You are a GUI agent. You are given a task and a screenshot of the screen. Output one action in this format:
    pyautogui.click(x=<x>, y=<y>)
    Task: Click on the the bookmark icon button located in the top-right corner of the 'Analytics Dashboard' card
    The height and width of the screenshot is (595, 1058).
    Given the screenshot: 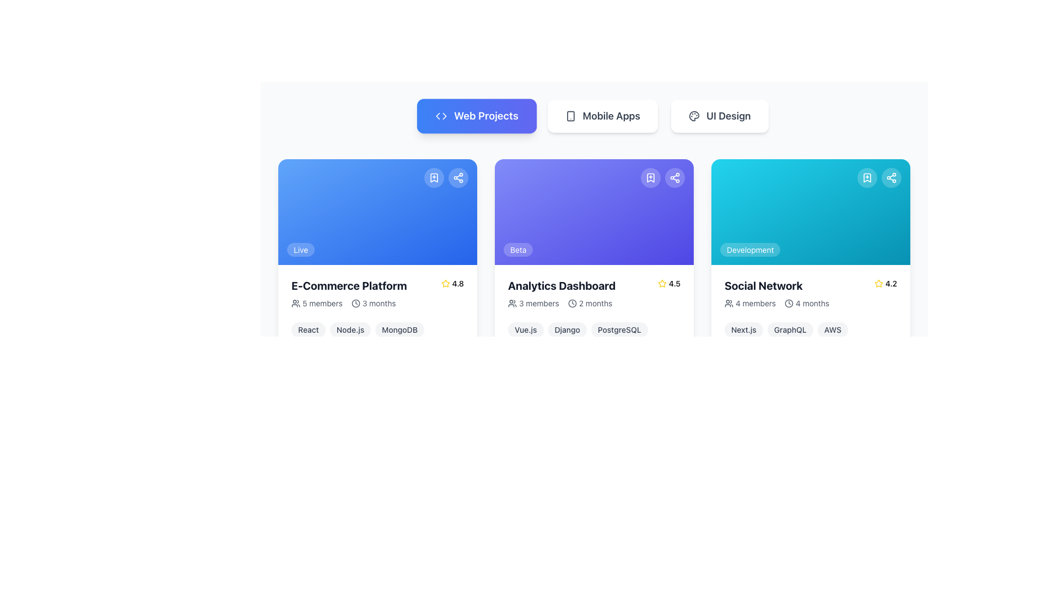 What is the action you would take?
    pyautogui.click(x=650, y=177)
    